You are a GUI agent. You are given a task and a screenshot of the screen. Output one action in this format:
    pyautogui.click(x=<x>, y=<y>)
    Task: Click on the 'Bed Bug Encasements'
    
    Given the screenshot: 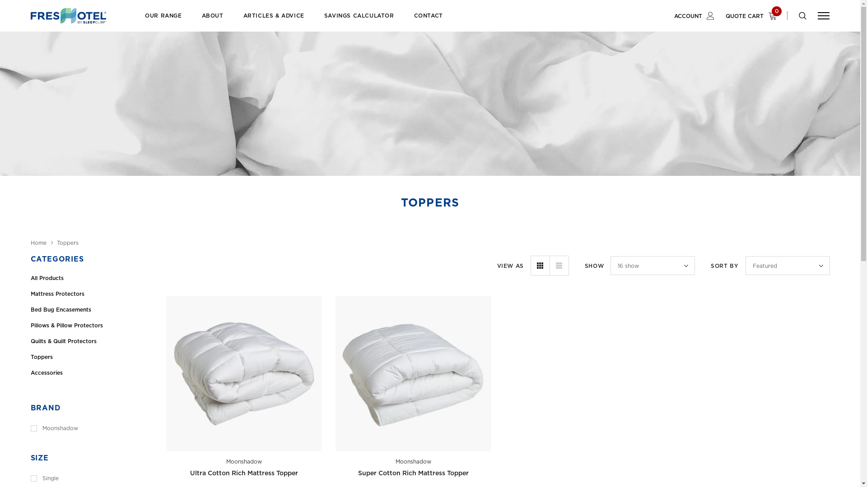 What is the action you would take?
    pyautogui.click(x=91, y=309)
    